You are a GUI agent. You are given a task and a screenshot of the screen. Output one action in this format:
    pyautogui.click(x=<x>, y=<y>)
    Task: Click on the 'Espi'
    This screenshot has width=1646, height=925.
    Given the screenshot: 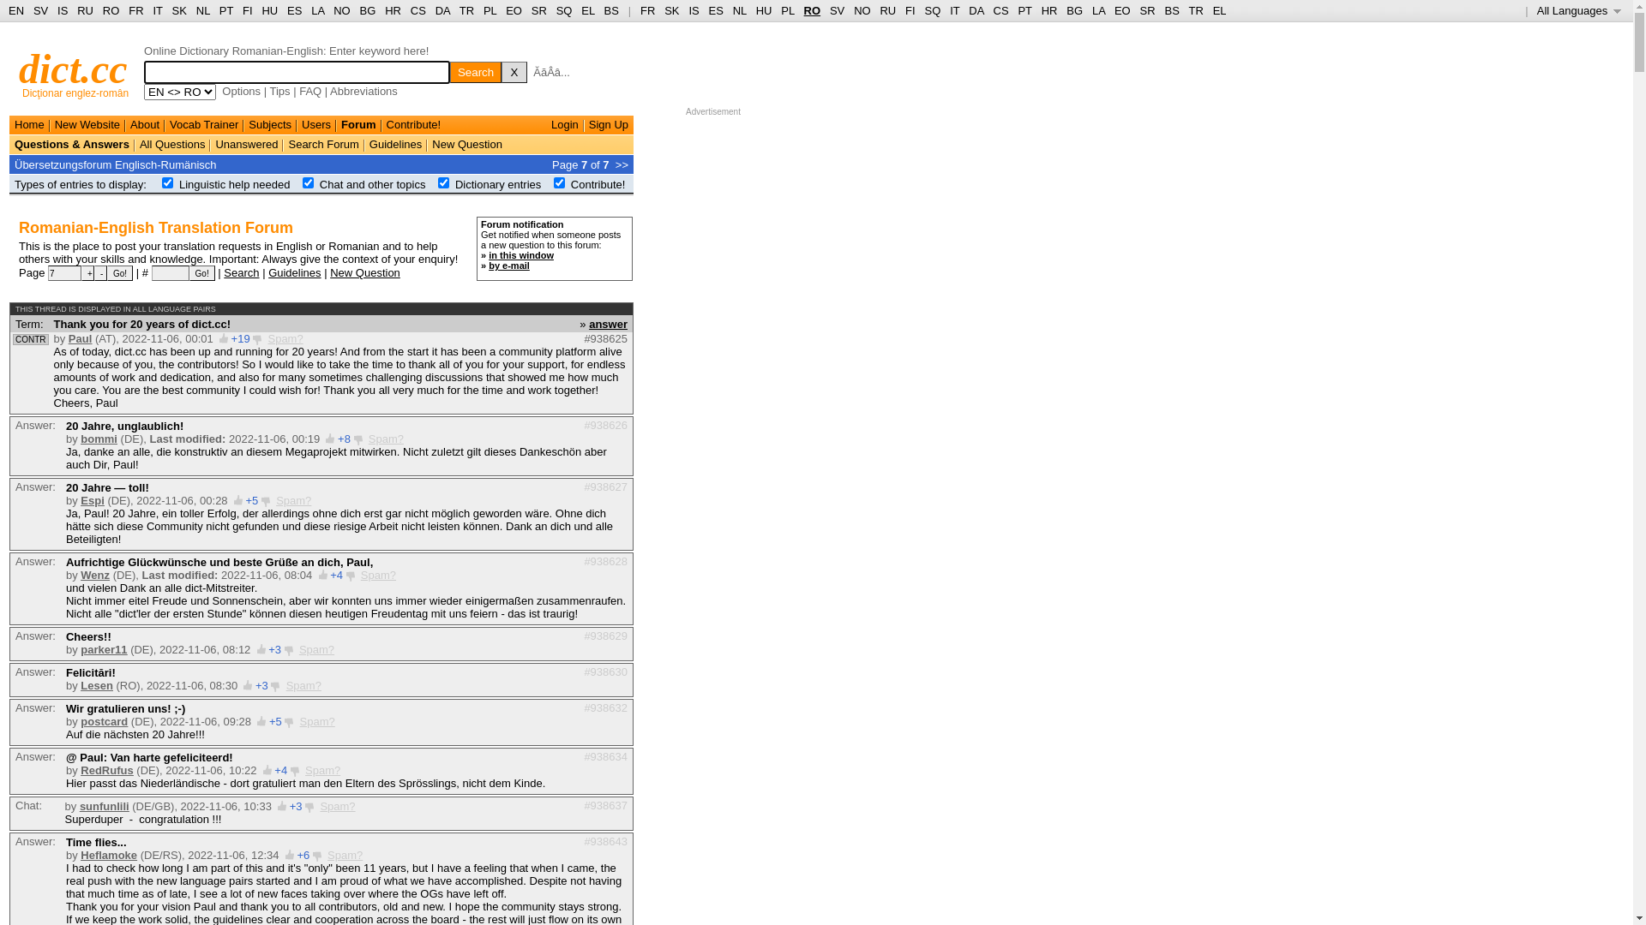 What is the action you would take?
    pyautogui.click(x=80, y=500)
    